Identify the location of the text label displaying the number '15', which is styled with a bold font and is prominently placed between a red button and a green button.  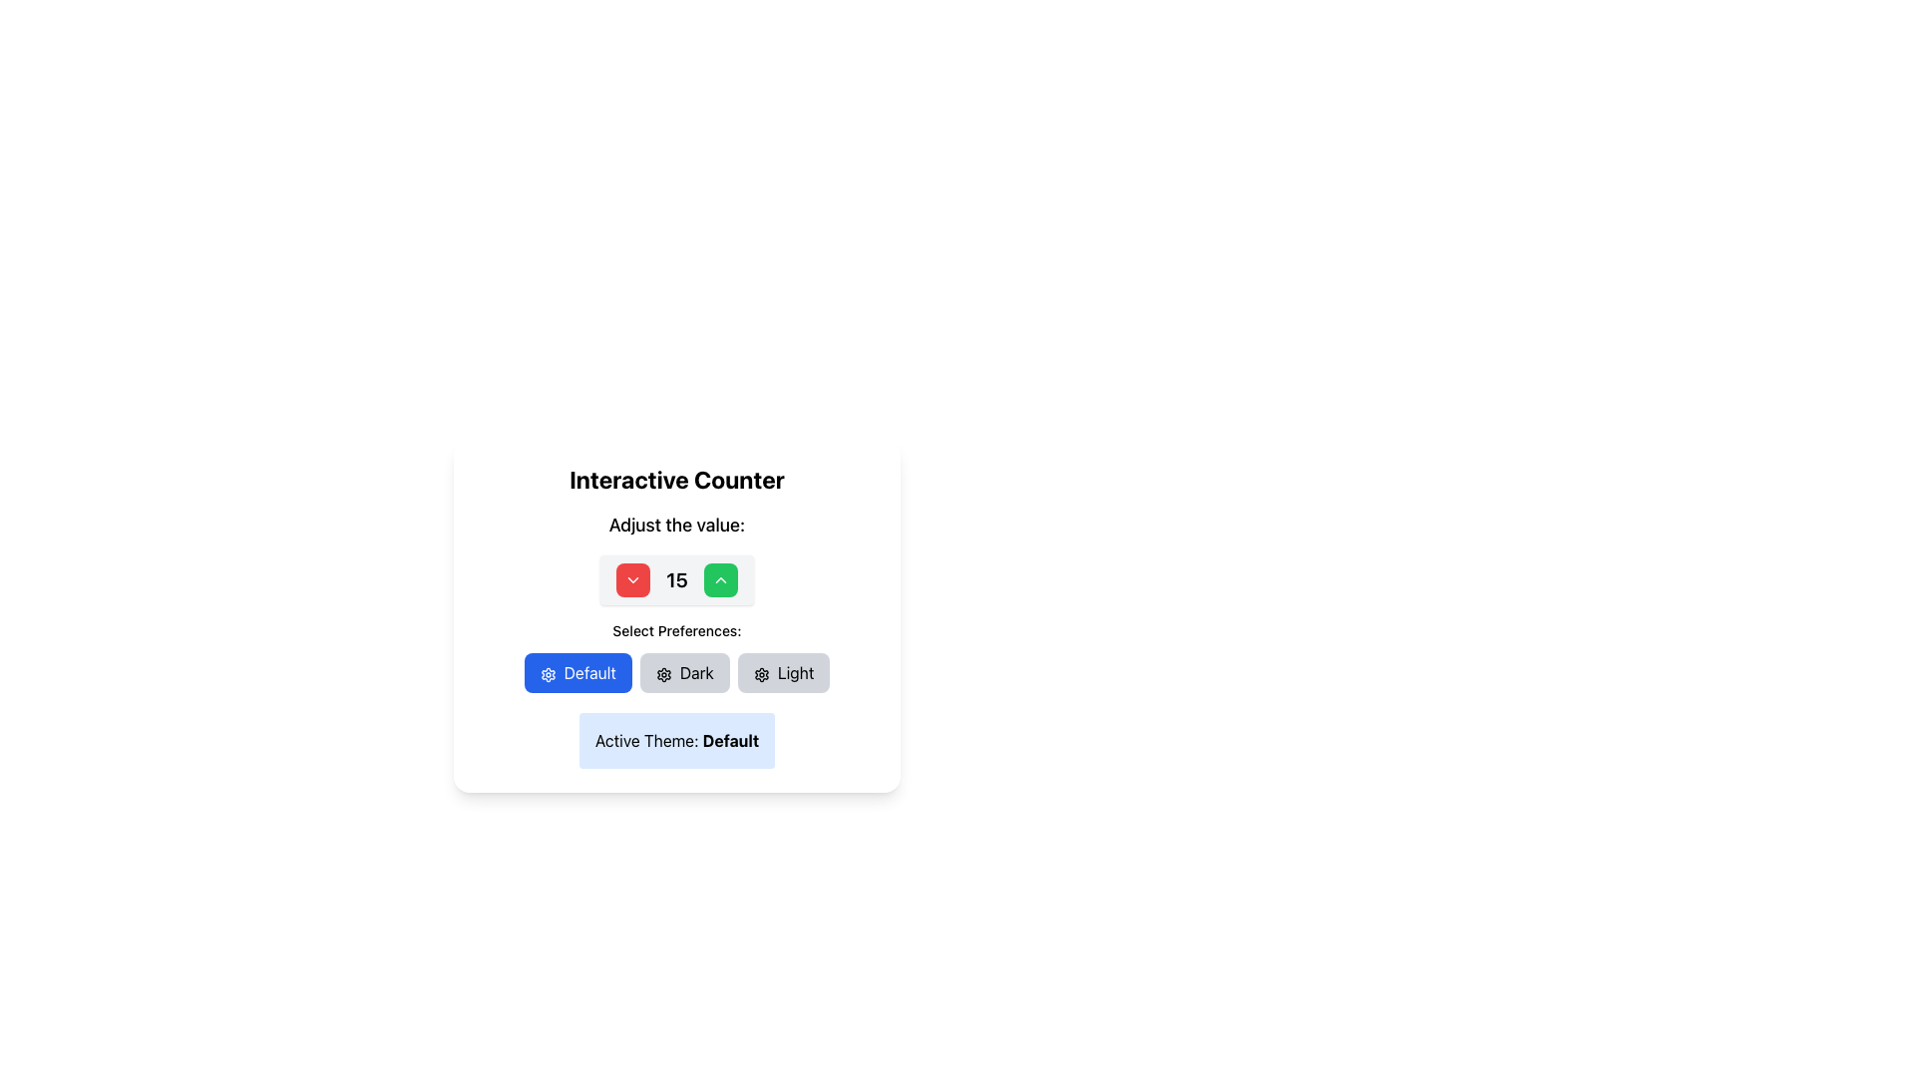
(676, 580).